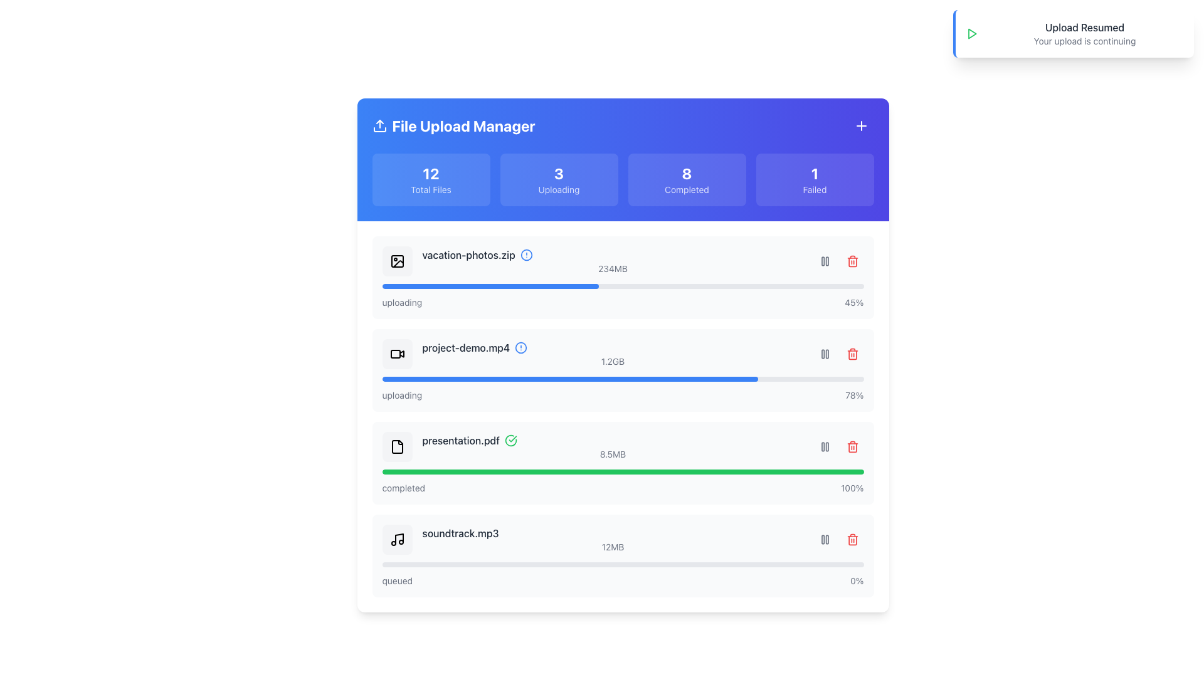 The height and width of the screenshot is (677, 1204). Describe the element at coordinates (1084, 40) in the screenshot. I see `the second text label that provides a status update about the ongoing process, located below the 'Upload Resumed' text in the top-right corner of the interface` at that location.